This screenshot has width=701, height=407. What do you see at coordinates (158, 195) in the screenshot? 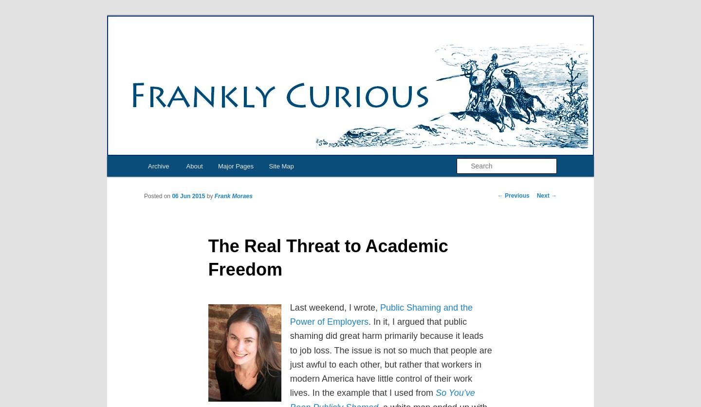
I see `'Posted on'` at bounding box center [158, 195].